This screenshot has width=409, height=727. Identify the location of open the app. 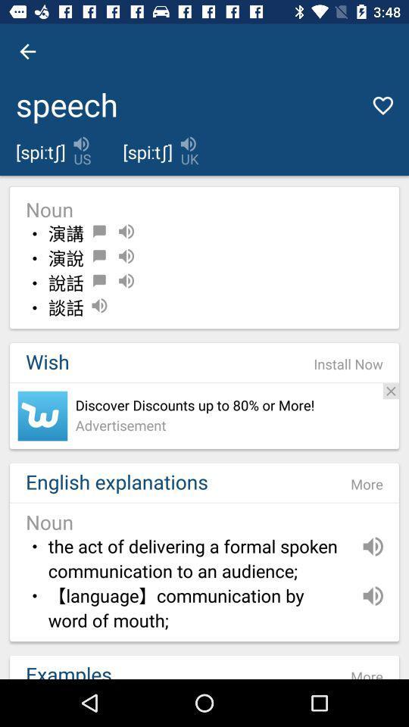
(42, 416).